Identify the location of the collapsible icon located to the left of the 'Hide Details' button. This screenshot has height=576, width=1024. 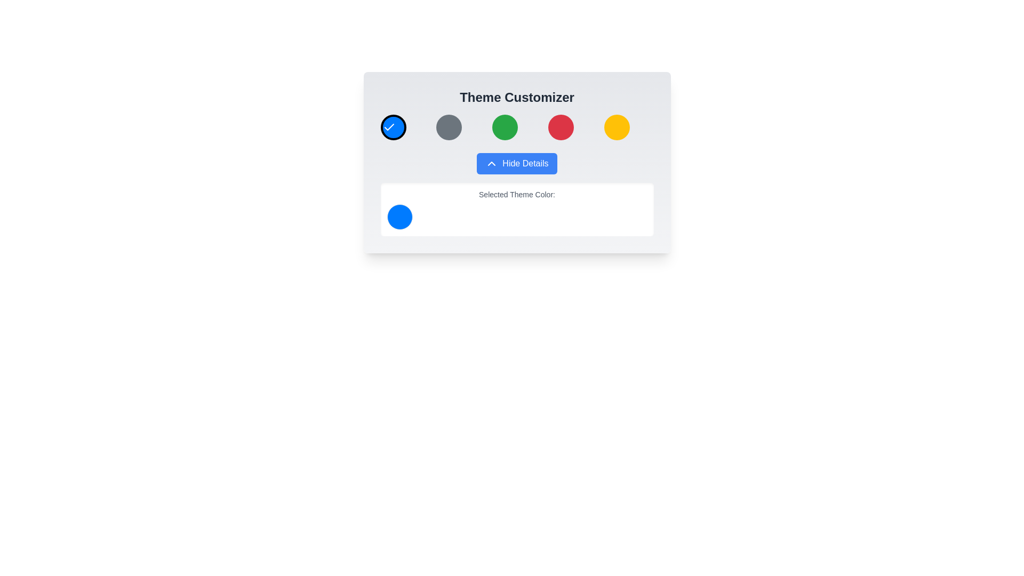
(491, 164).